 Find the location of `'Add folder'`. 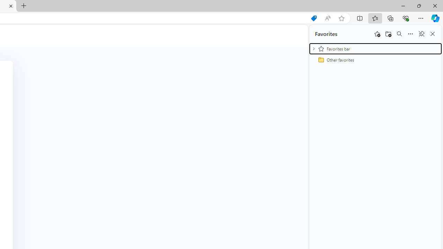

'Add folder' is located at coordinates (388, 34).